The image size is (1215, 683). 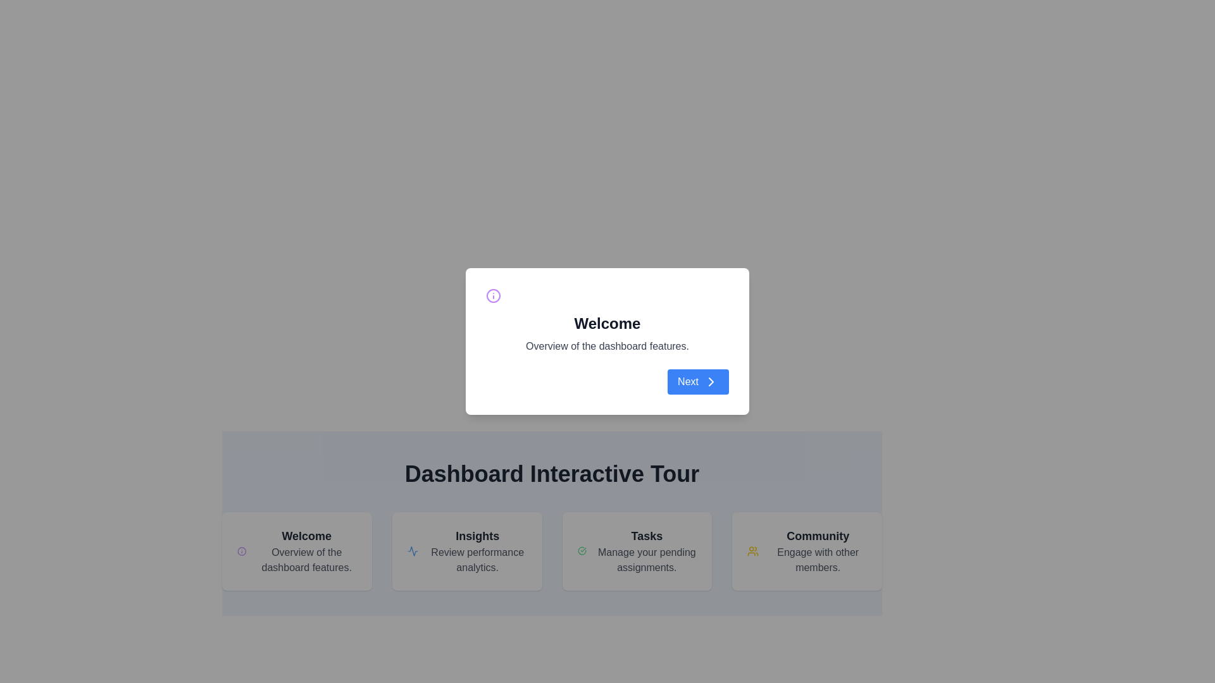 I want to click on the rightward pointing chevron arrow icon located inside the 'Next' button, positioned towards the bottom-right of the dialog box, so click(x=711, y=381).